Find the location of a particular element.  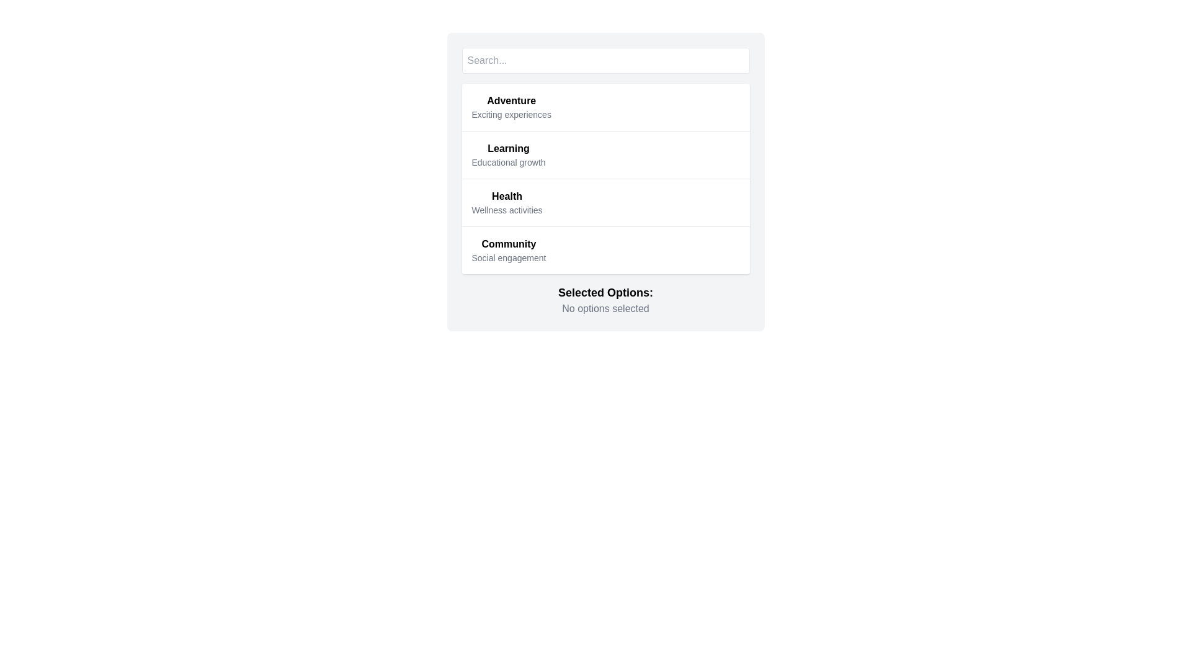

the third list item labeled 'Health' which represents a selectable category option with additional information about 'Wellness activities' is located at coordinates (605, 179).